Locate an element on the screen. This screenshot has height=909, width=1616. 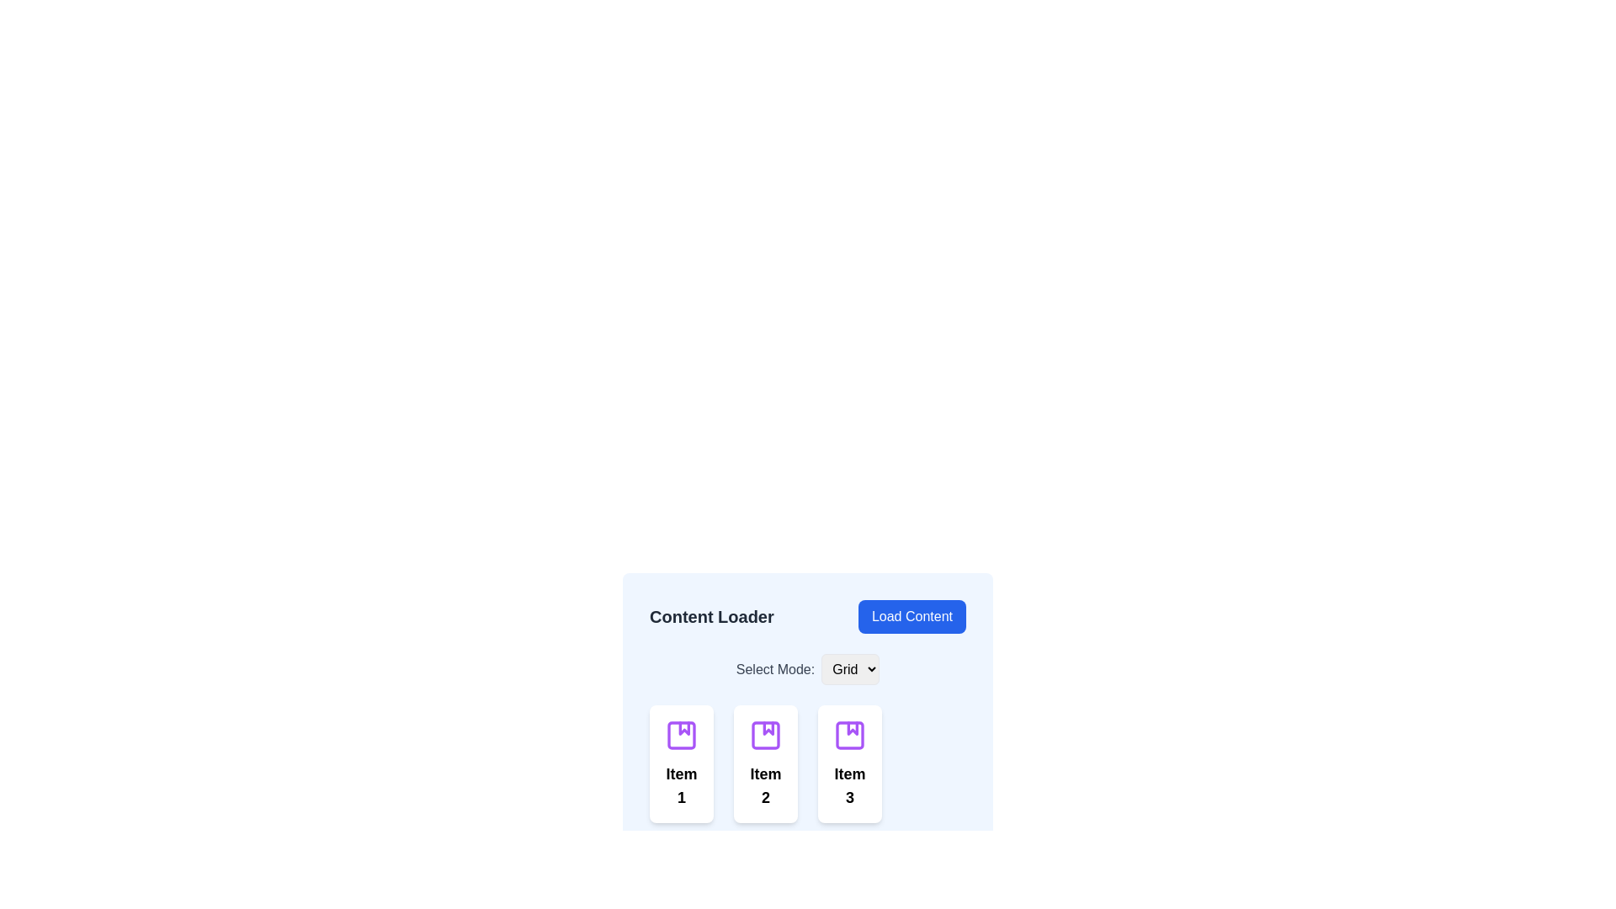
the first card in the grid layout for accessibility navigation is located at coordinates (682, 763).